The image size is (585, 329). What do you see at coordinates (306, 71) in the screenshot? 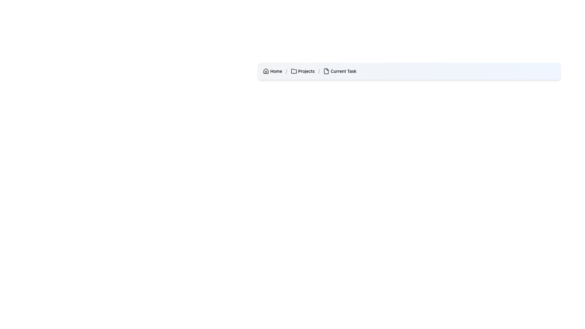
I see `the text label 'Projects' located in the breadcrumb navigation bar, which is the second item and has a folder icon to its left` at bounding box center [306, 71].